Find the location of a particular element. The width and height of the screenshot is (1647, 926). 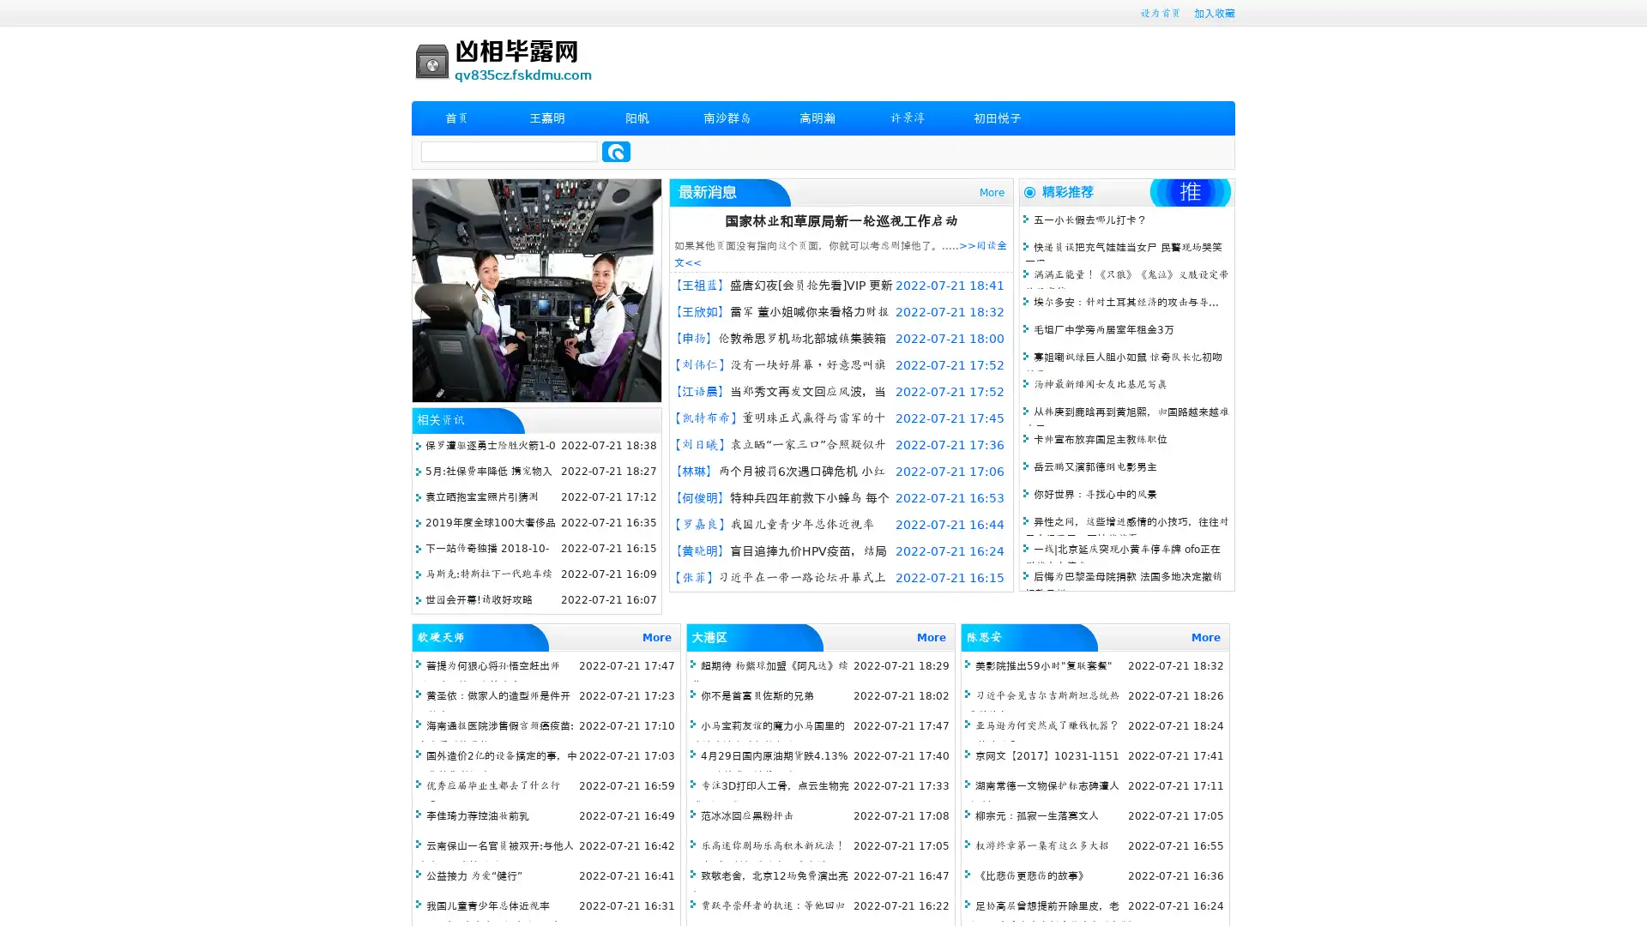

Search is located at coordinates (616, 151).